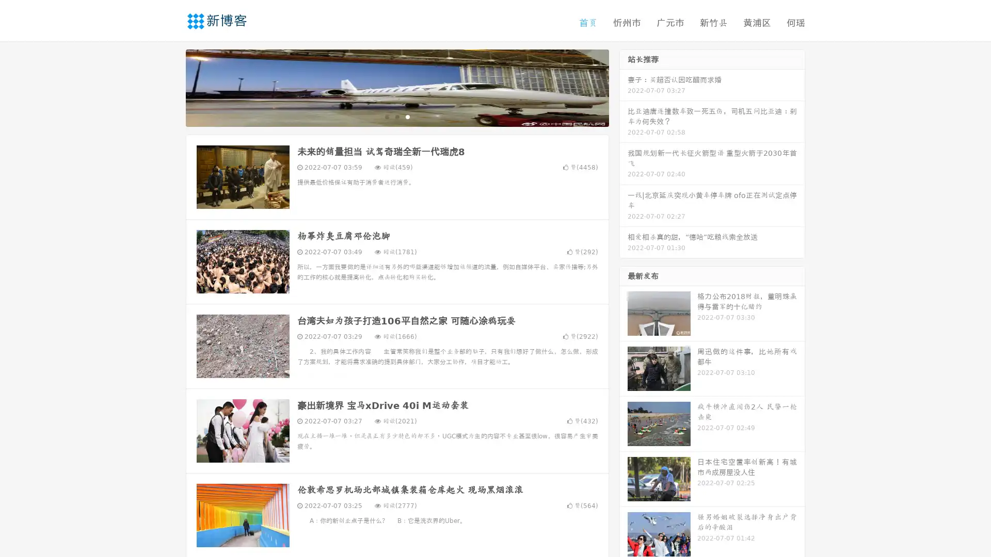  I want to click on Previous slide, so click(170, 87).